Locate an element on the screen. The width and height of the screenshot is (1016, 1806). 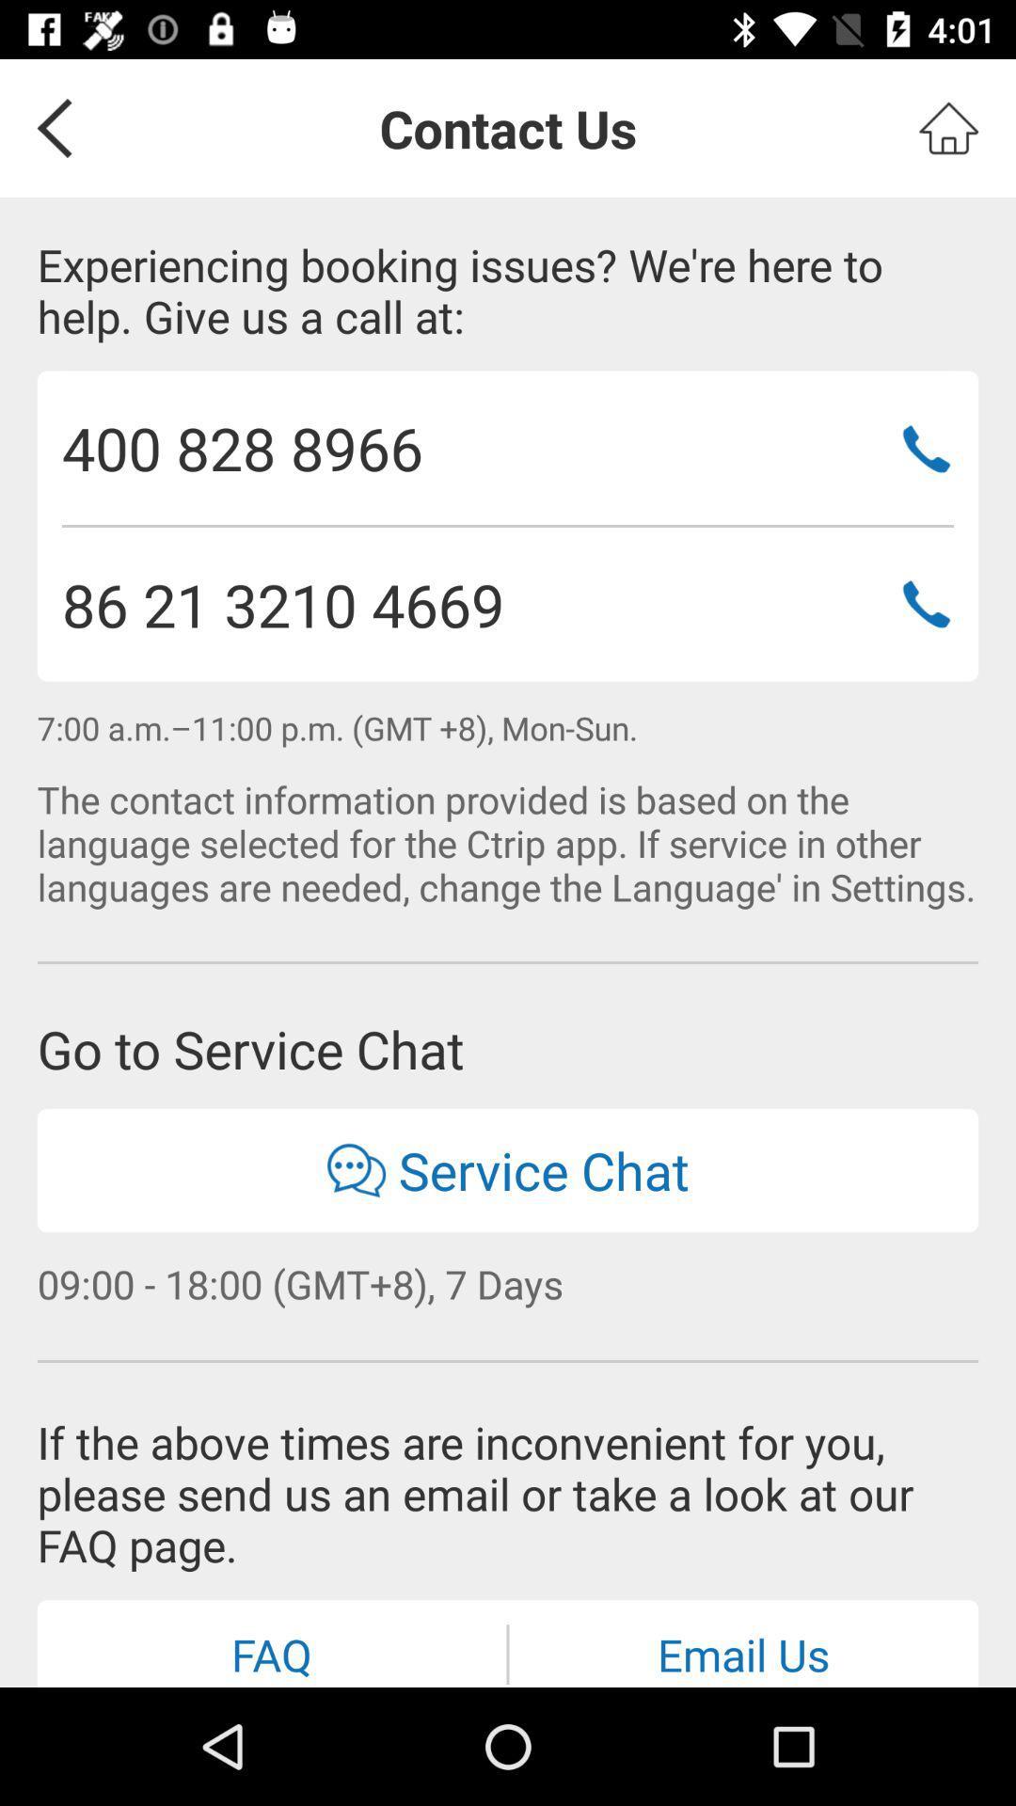
go home is located at coordinates (948, 127).